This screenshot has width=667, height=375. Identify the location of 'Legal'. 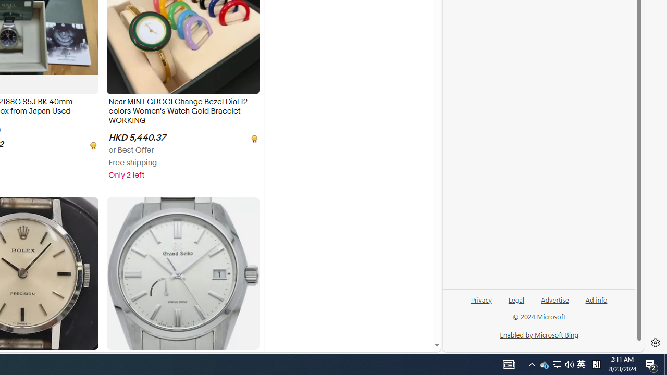
(516, 304).